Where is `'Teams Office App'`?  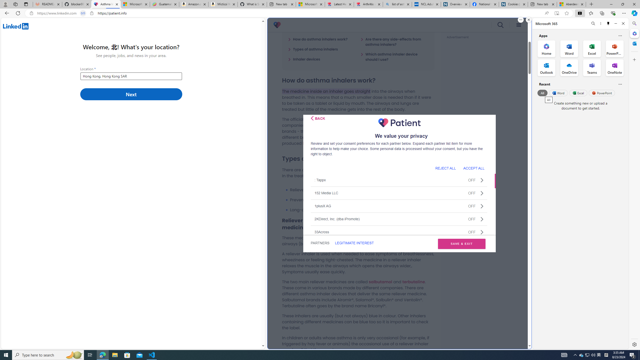
'Teams Office App' is located at coordinates (592, 68).